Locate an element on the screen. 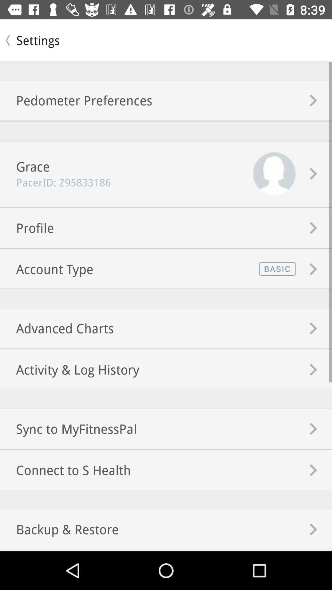 Image resolution: width=332 pixels, height=590 pixels. the item to the right of the account type icon is located at coordinates (276, 269).